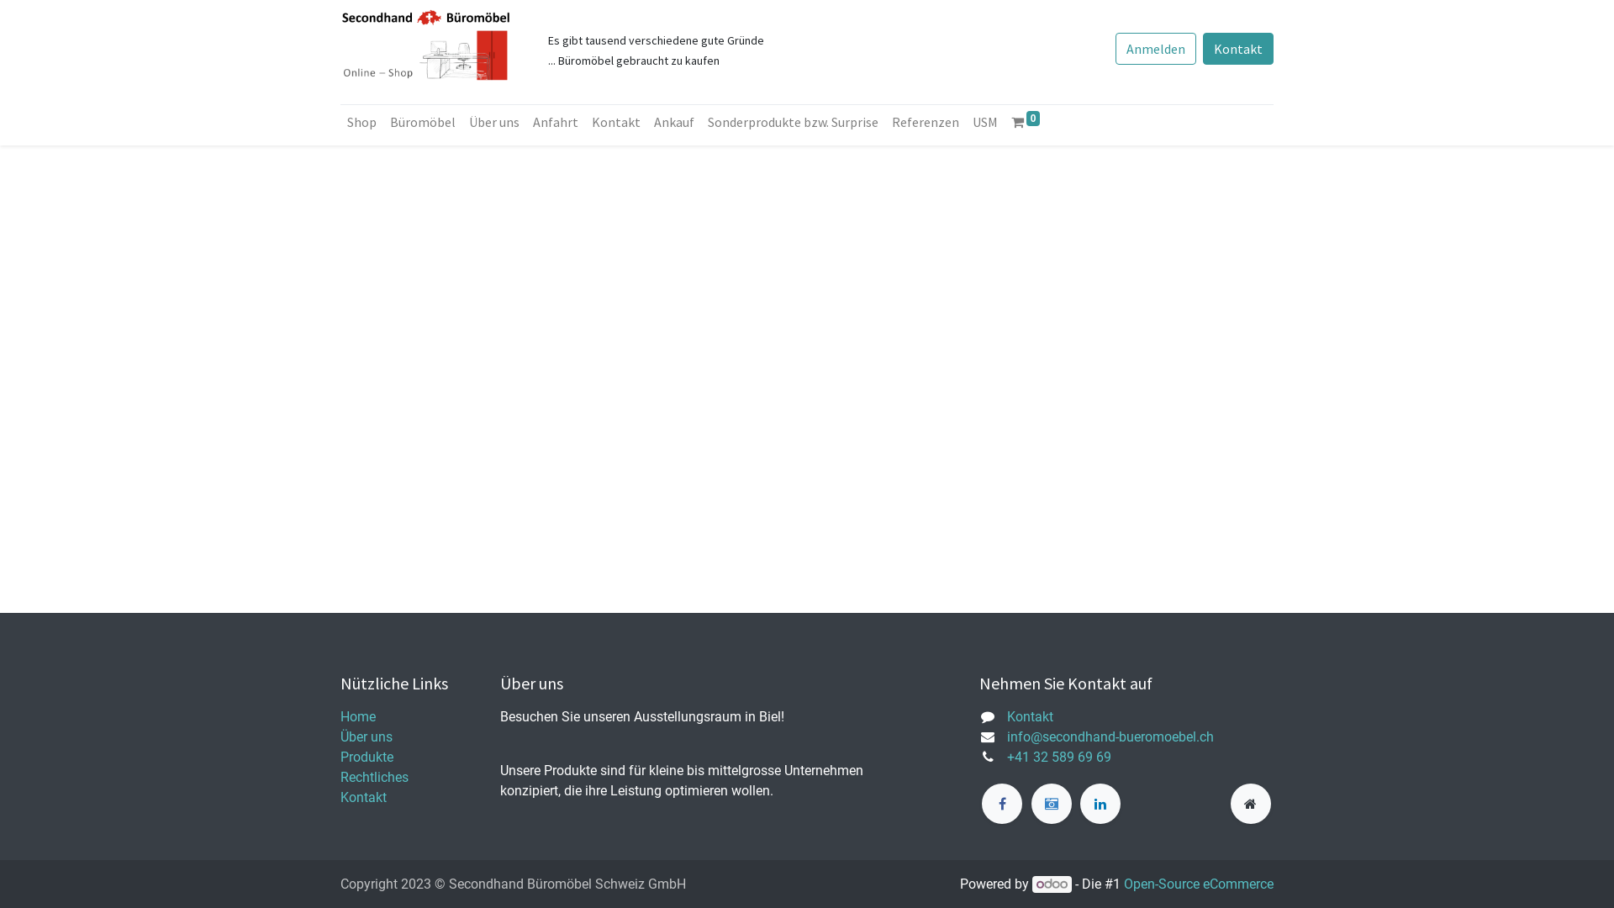 This screenshot has height=908, width=1614. What do you see at coordinates (1124, 883) in the screenshot?
I see `'Open-Source eCommerce'` at bounding box center [1124, 883].